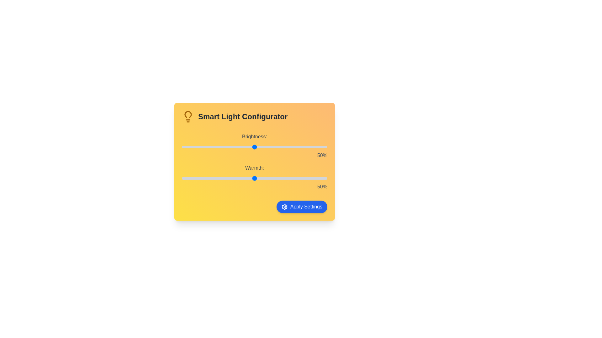 The image size is (602, 338). I want to click on the brightness, so click(231, 147).